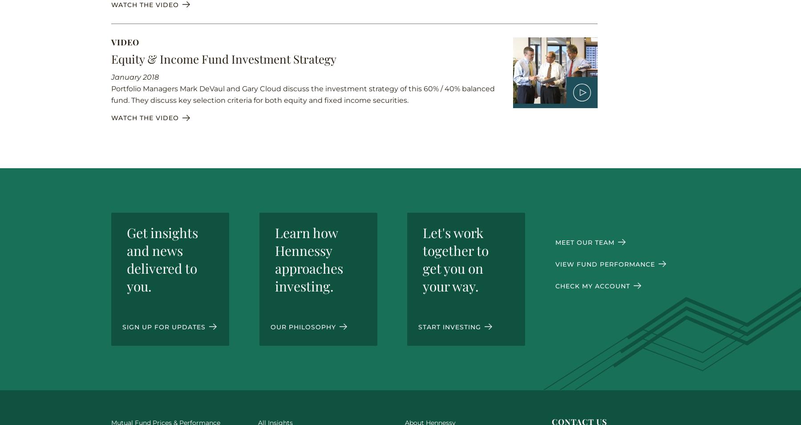  What do you see at coordinates (223, 58) in the screenshot?
I see `'Equity & Income Fund Investment Strategy'` at bounding box center [223, 58].